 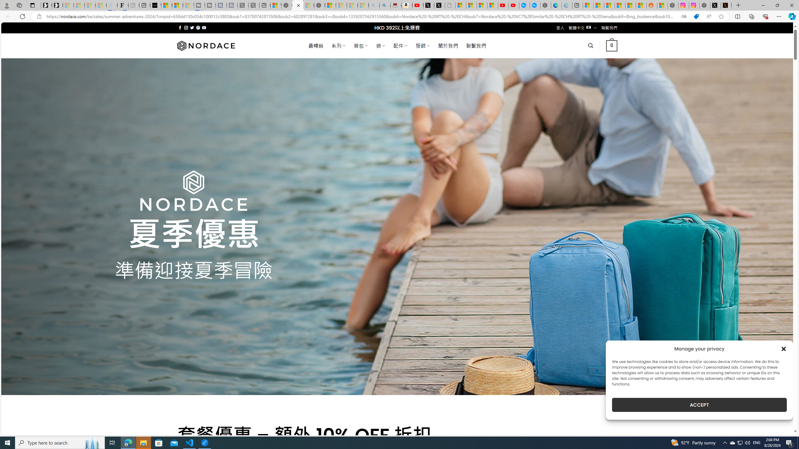 What do you see at coordinates (588, 5) in the screenshot?
I see `'Microsoft account | Microsoft Account Privacy Settings'` at bounding box center [588, 5].